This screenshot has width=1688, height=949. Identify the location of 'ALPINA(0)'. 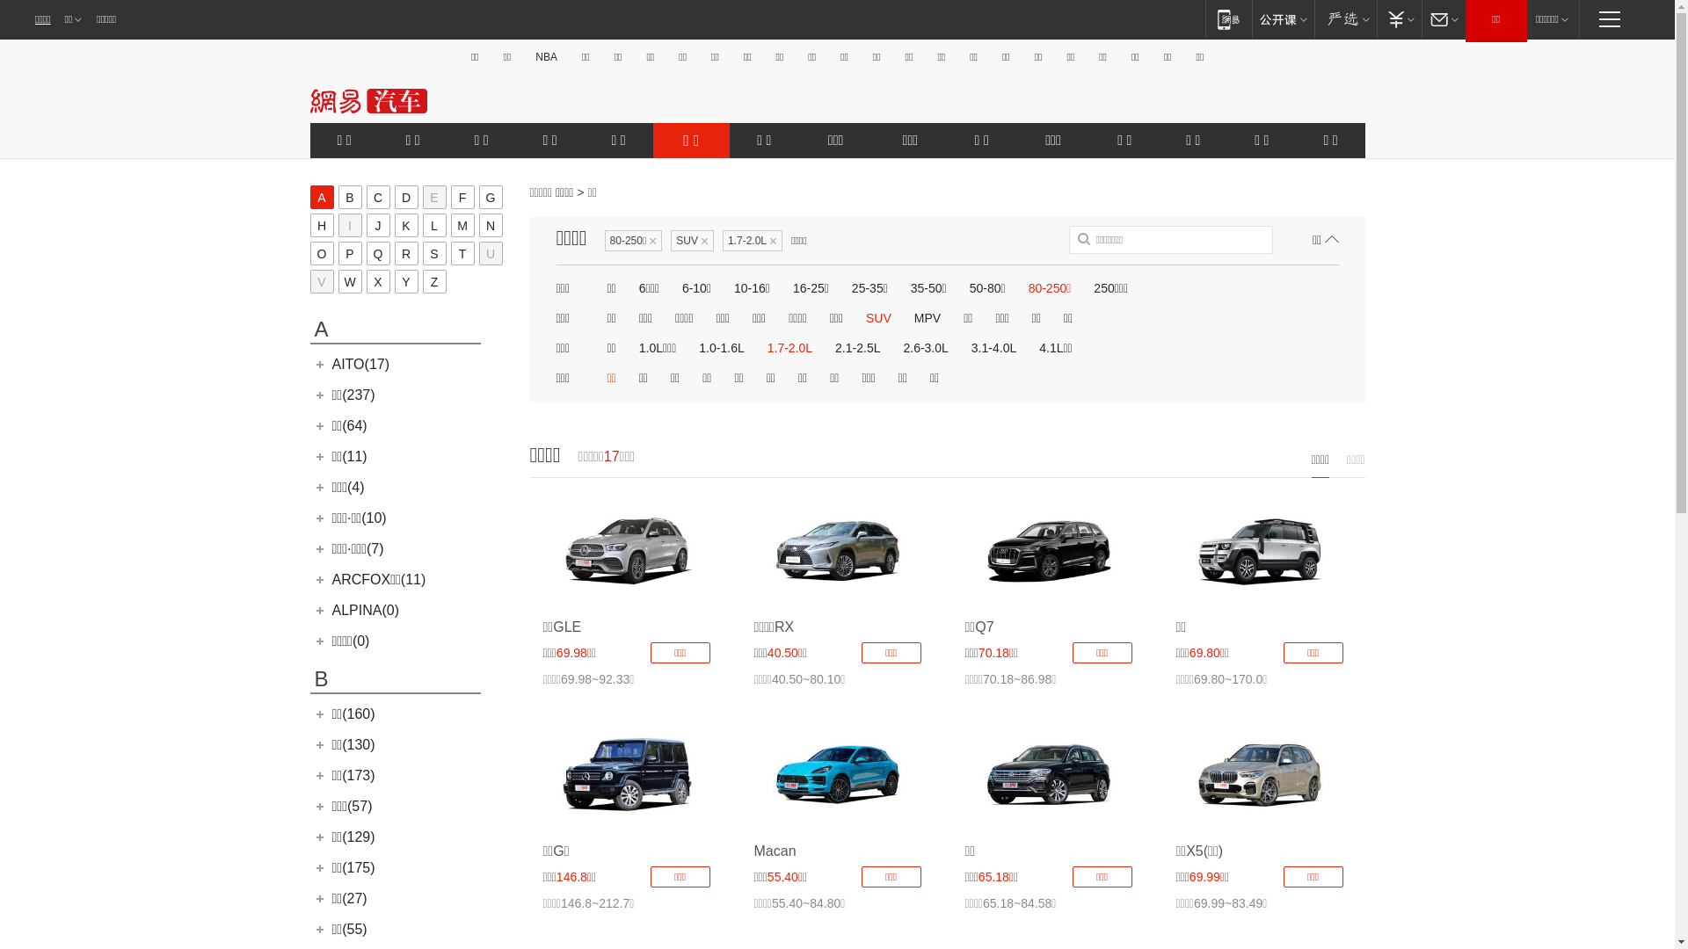
(365, 609).